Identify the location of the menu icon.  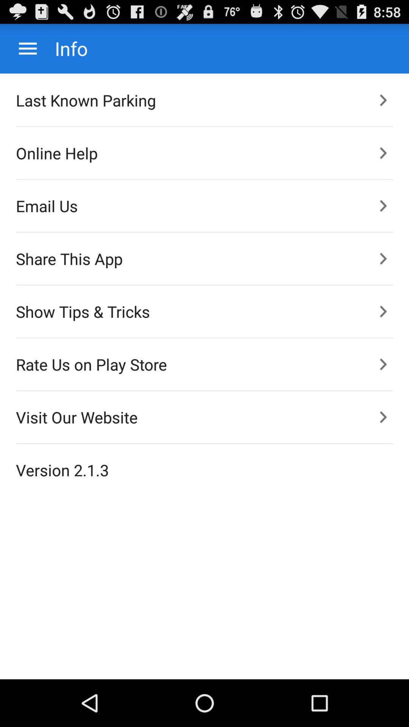
(27, 51).